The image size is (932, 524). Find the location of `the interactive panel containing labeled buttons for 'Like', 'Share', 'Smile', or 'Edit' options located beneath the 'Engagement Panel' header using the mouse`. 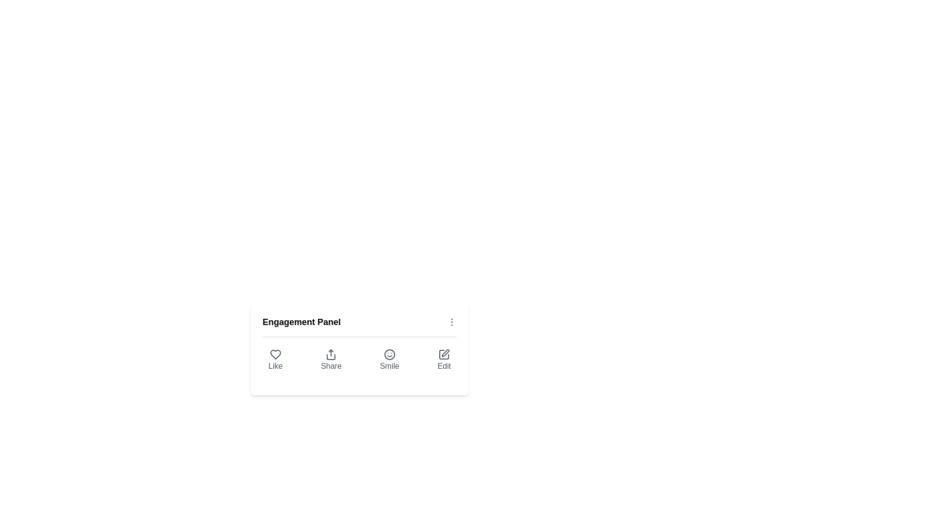

the interactive panel containing labeled buttons for 'Like', 'Share', 'Smile', or 'Edit' options located beneath the 'Engagement Panel' header using the mouse is located at coordinates (359, 349).